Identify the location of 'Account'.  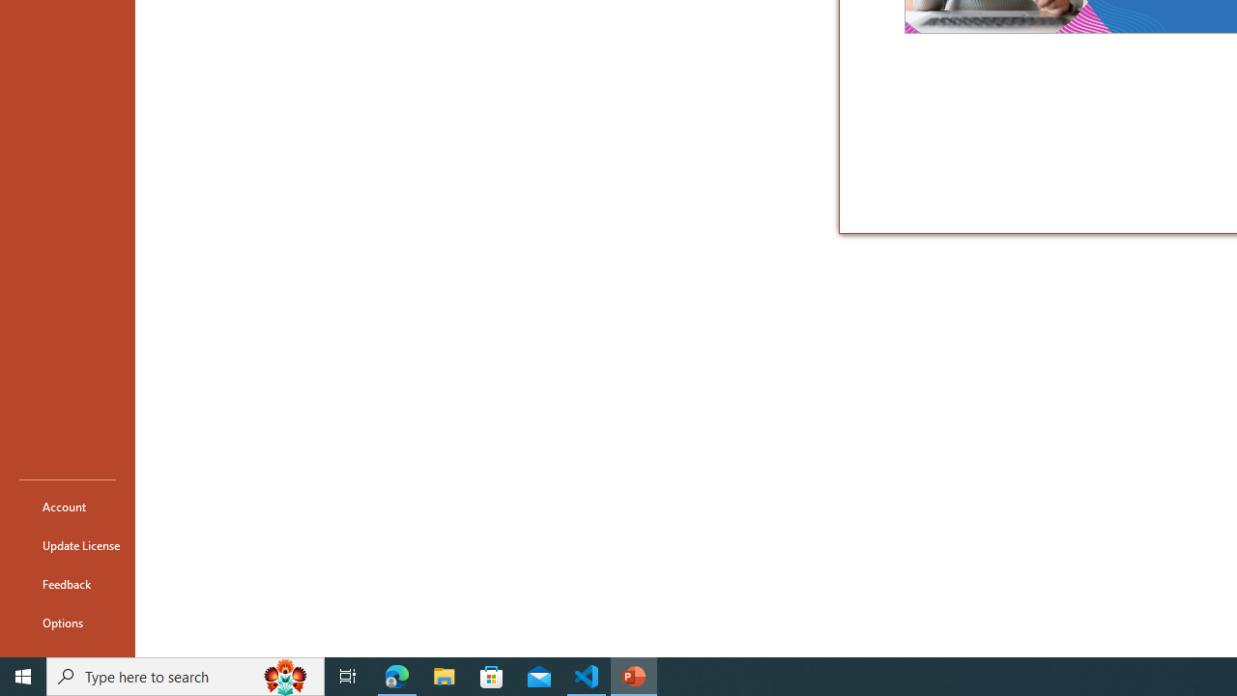
(67, 506).